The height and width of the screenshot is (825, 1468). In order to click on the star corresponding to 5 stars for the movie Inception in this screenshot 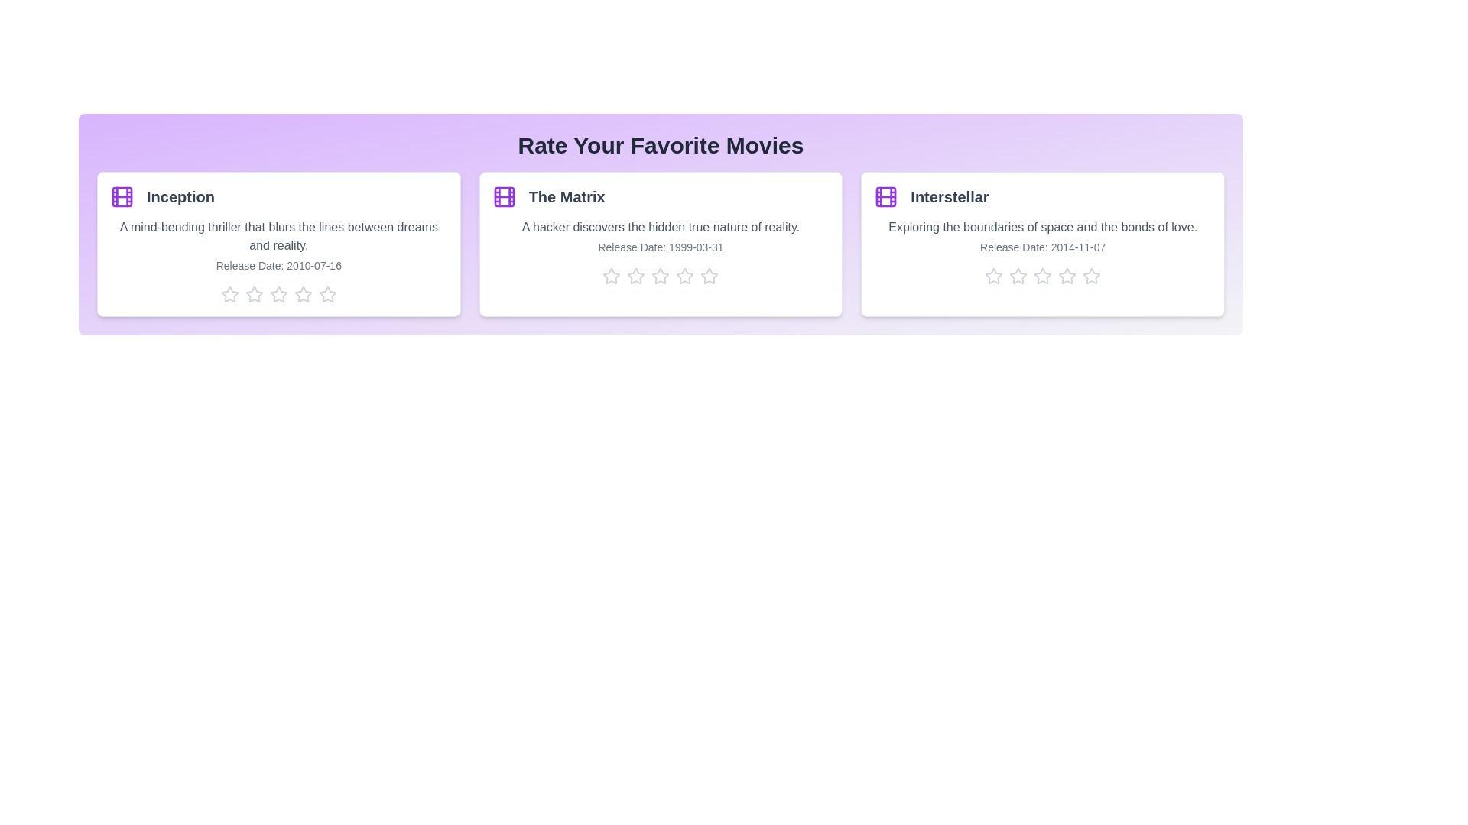, I will do `click(326, 294)`.